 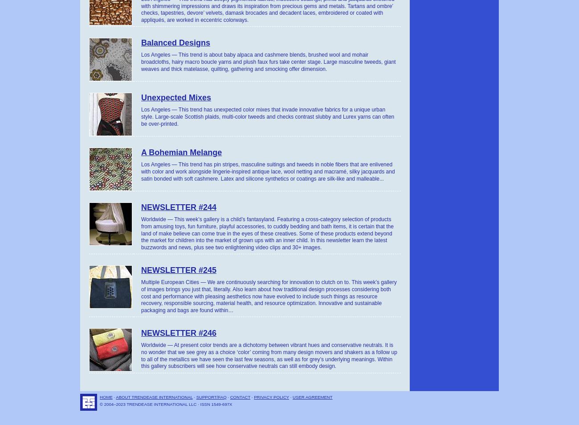 I want to click on 'Balanced Designs', so click(x=175, y=42).